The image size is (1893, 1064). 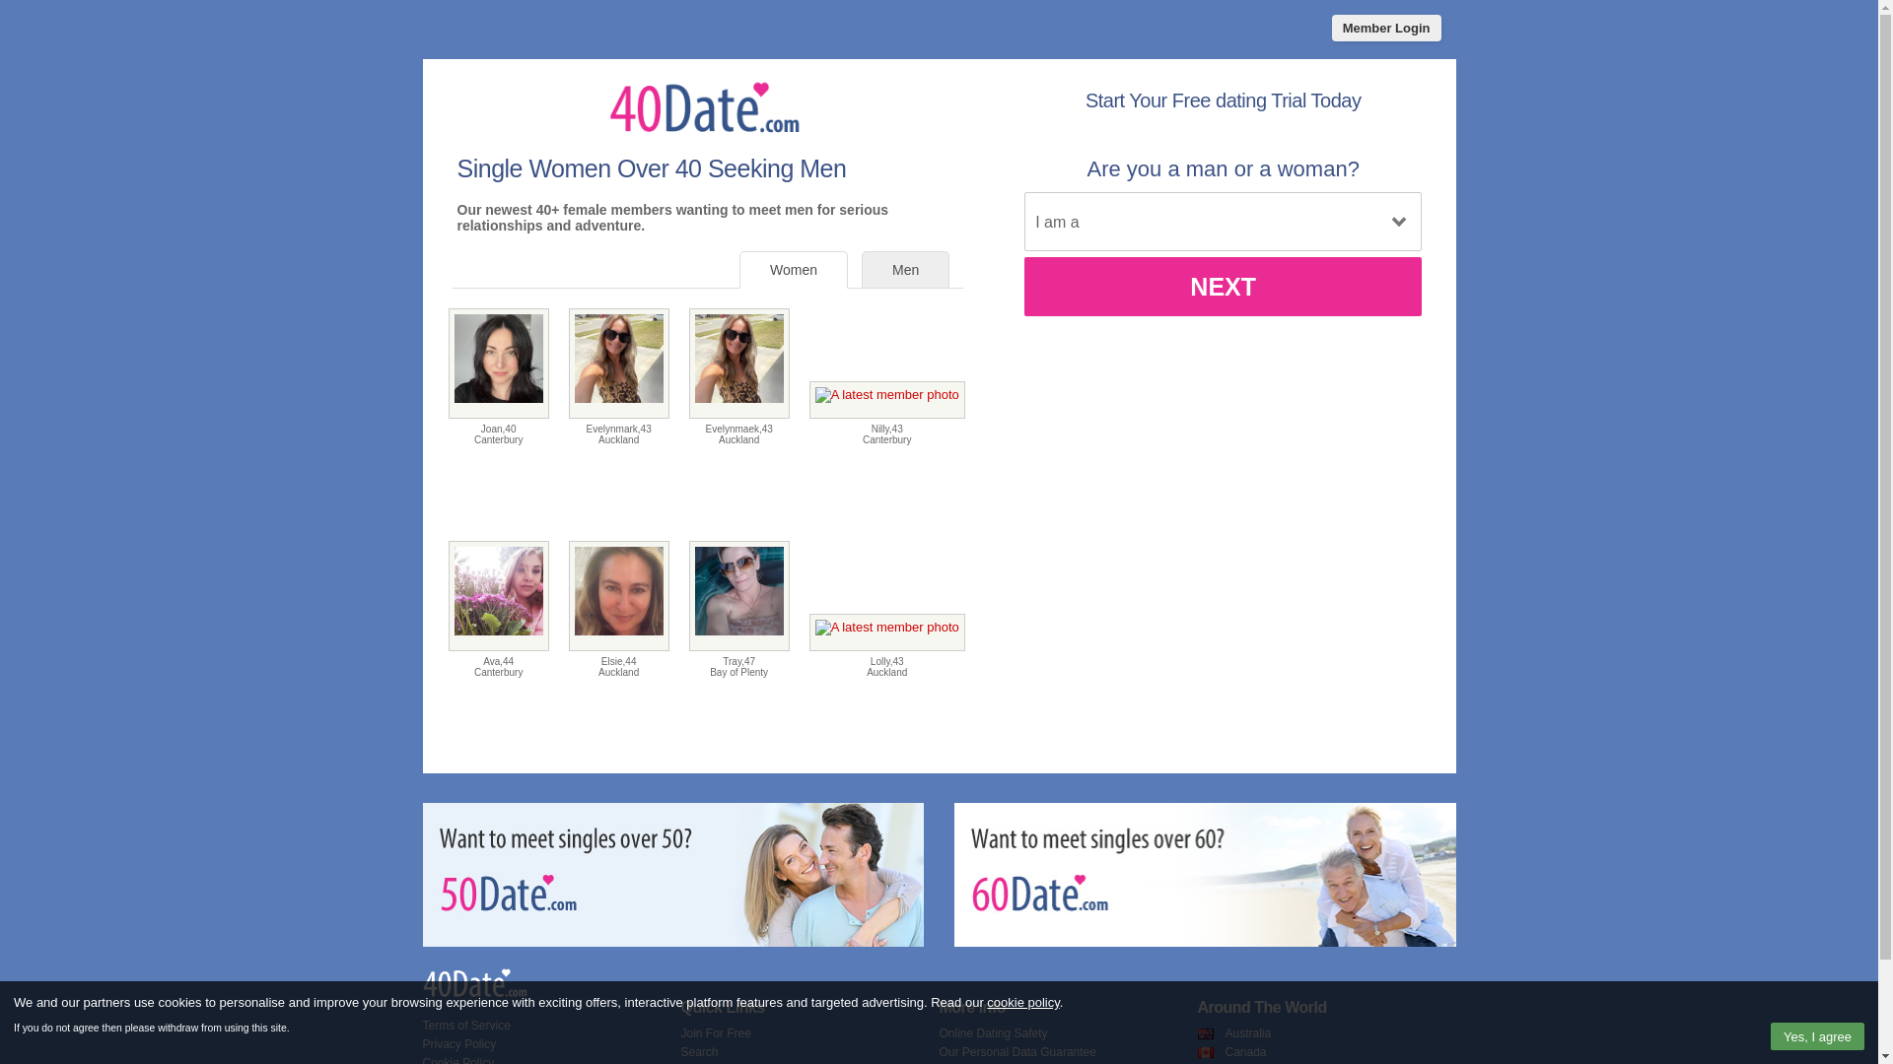 What do you see at coordinates (1385, 28) in the screenshot?
I see `'Member Login'` at bounding box center [1385, 28].